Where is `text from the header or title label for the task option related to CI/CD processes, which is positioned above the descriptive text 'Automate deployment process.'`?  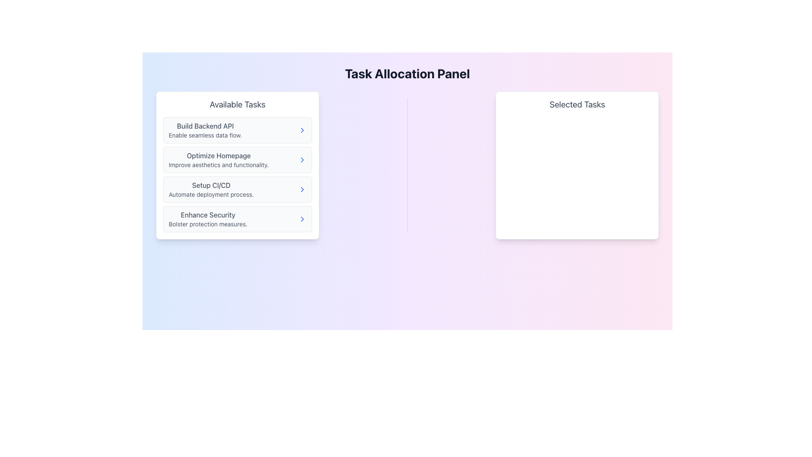 text from the header or title label for the task option related to CI/CD processes, which is positioned above the descriptive text 'Automate deployment process.' is located at coordinates (211, 185).